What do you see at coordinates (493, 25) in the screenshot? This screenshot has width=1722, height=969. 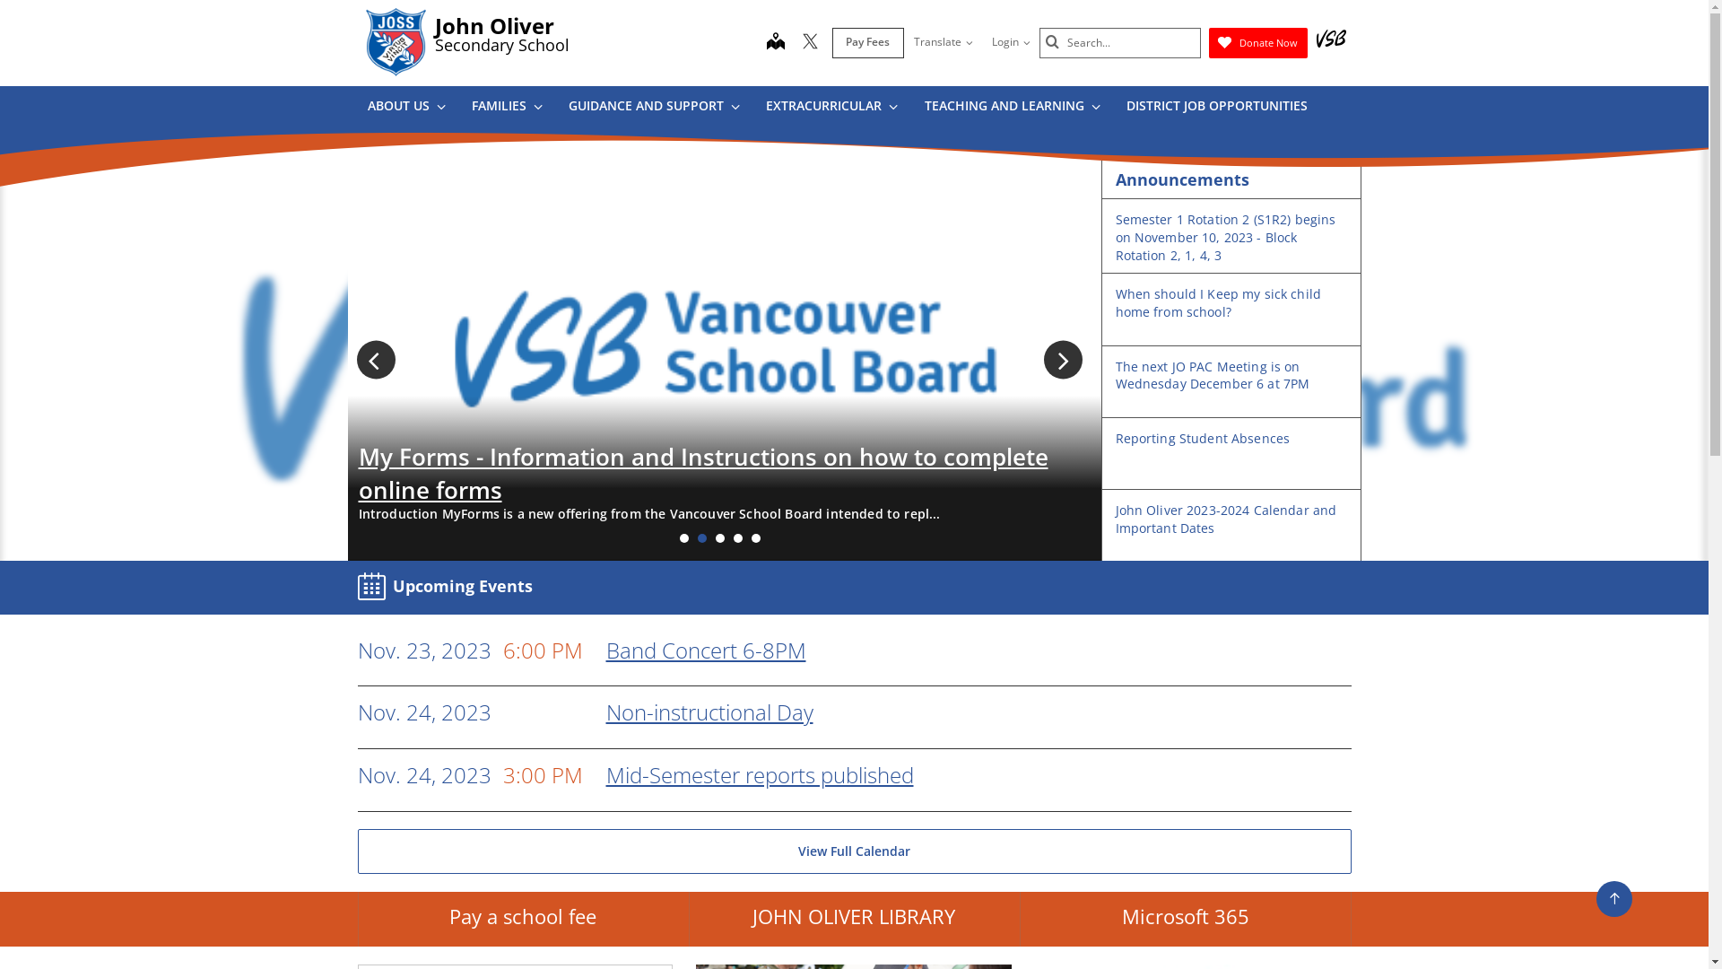 I see `'John Oliver'` at bounding box center [493, 25].